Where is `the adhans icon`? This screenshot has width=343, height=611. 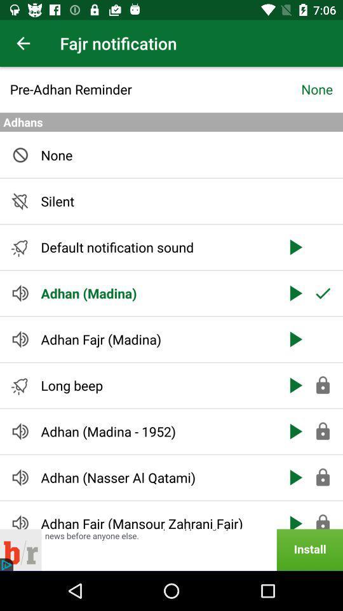 the adhans icon is located at coordinates (171, 122).